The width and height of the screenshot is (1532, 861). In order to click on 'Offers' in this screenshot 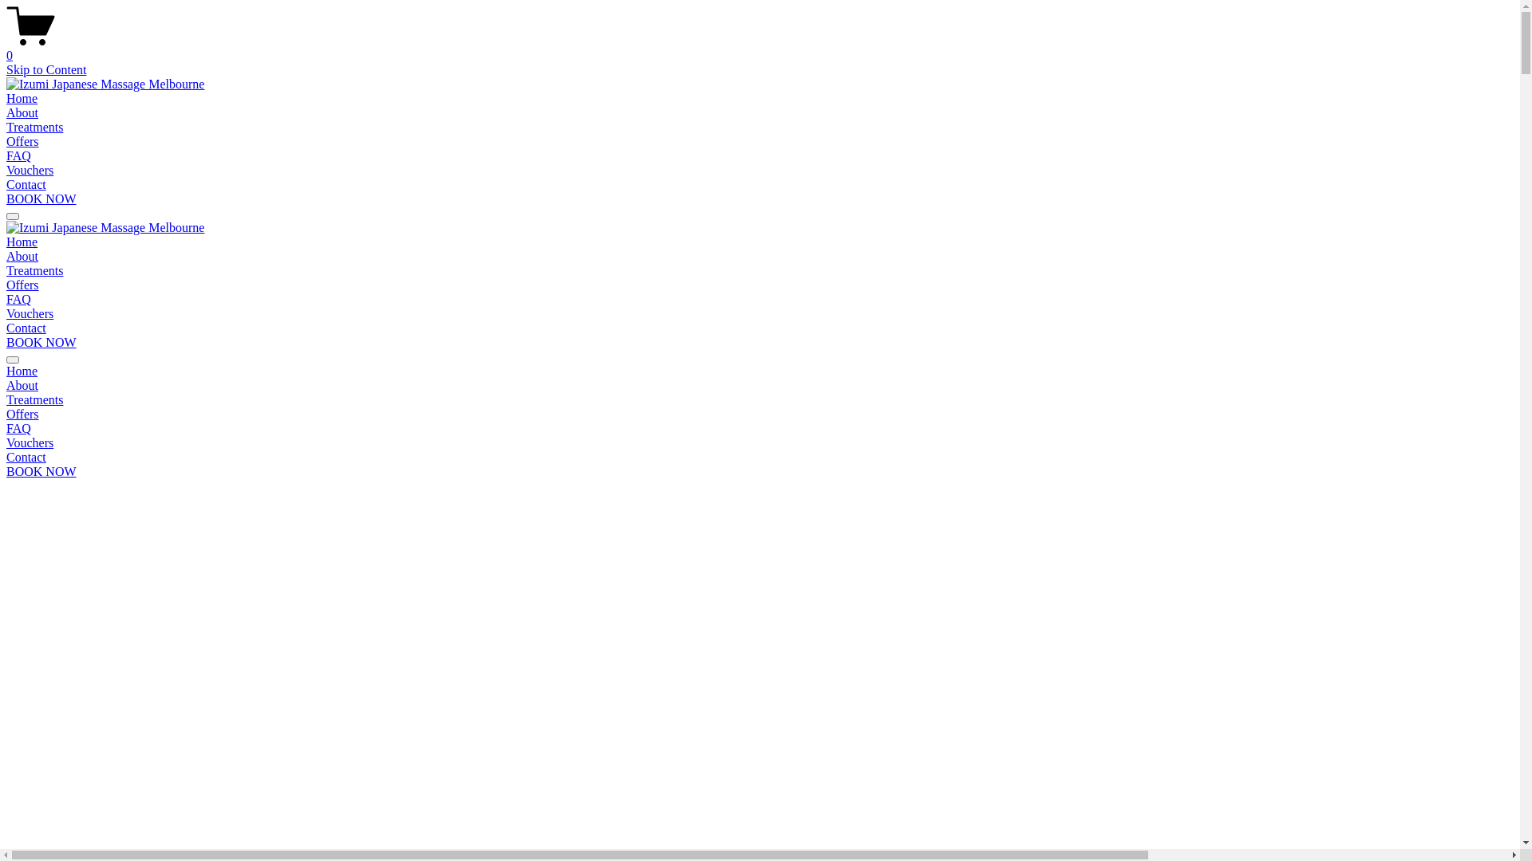, I will do `click(22, 140)`.